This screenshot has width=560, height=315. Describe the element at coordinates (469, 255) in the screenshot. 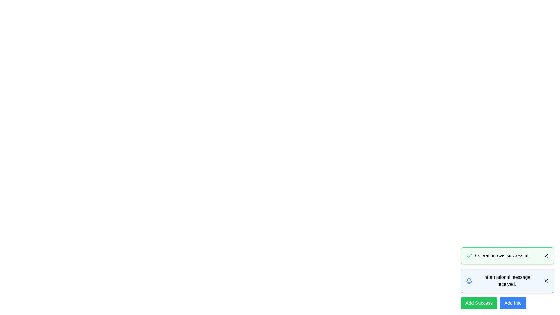

I see `the status indicated by the green checkmark icon located to the left of the text 'Operation was successful.'` at that location.